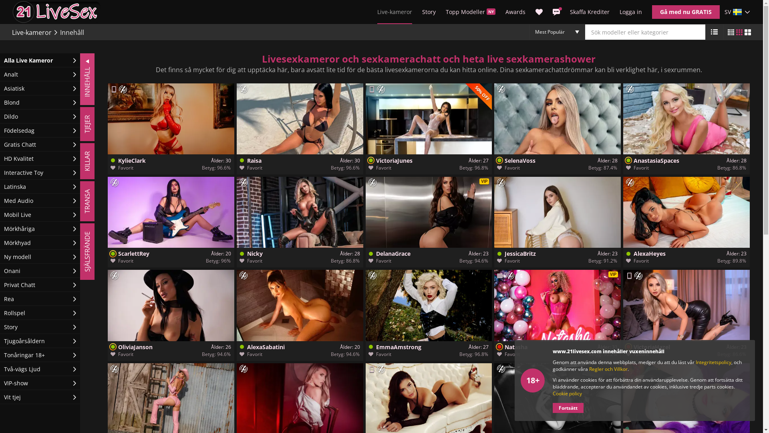 This screenshot has height=433, width=769. I want to click on 'Rollspel', so click(40, 312).